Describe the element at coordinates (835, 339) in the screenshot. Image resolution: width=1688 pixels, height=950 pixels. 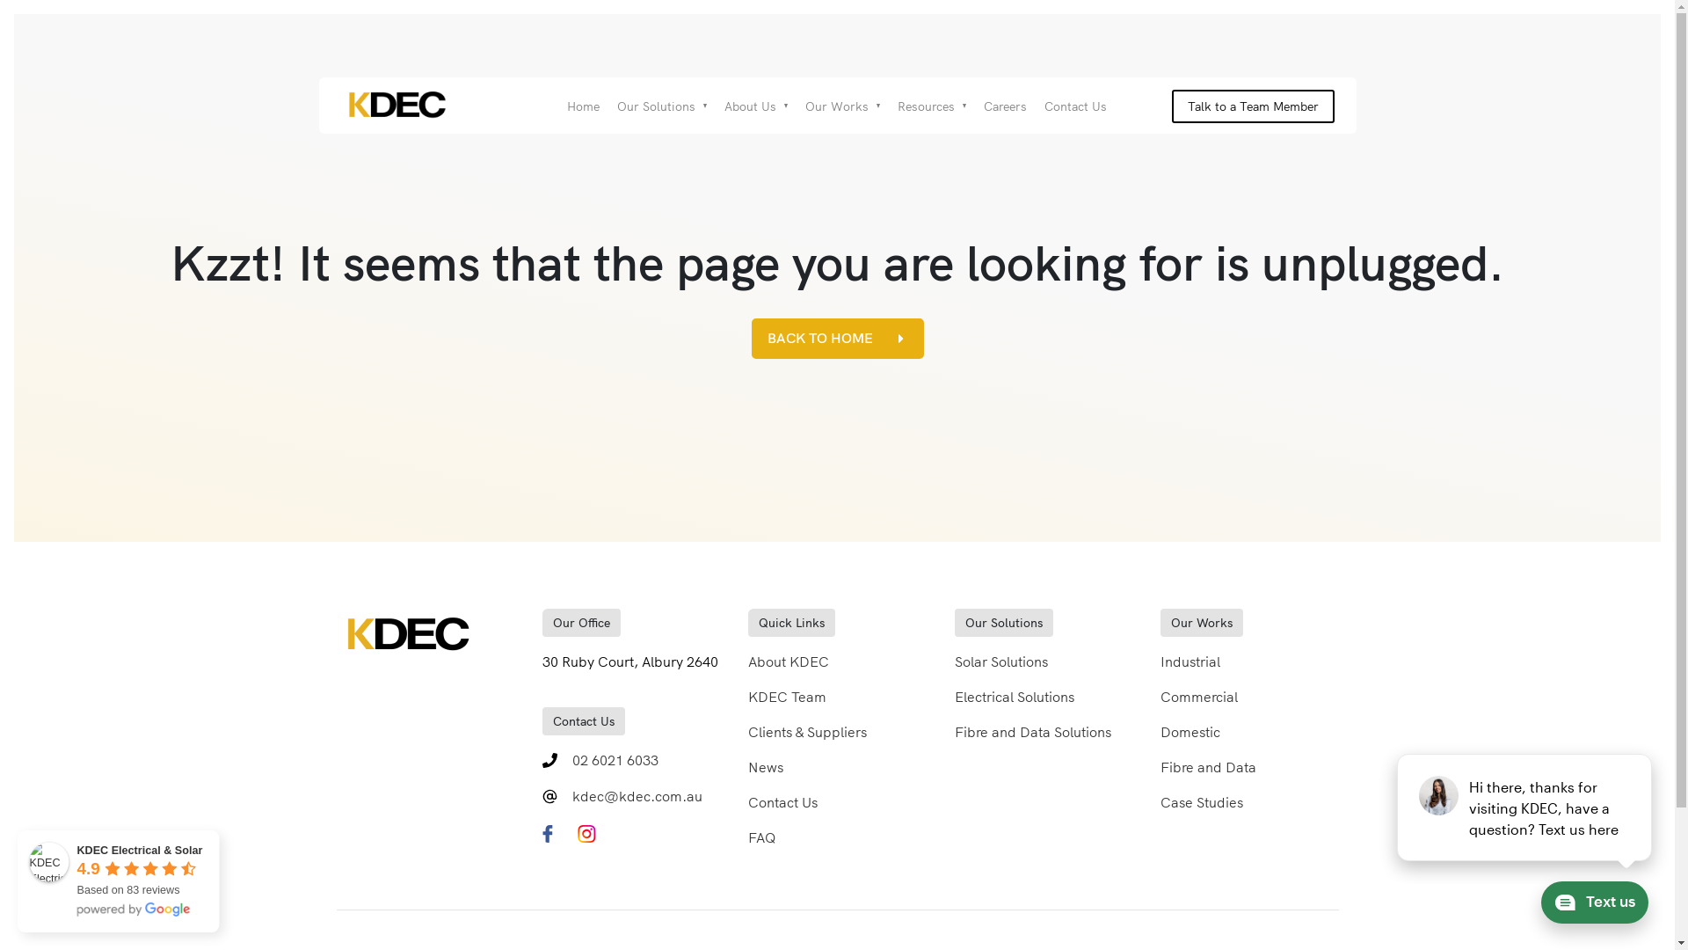
I see `'BACK TO HOME'` at that location.